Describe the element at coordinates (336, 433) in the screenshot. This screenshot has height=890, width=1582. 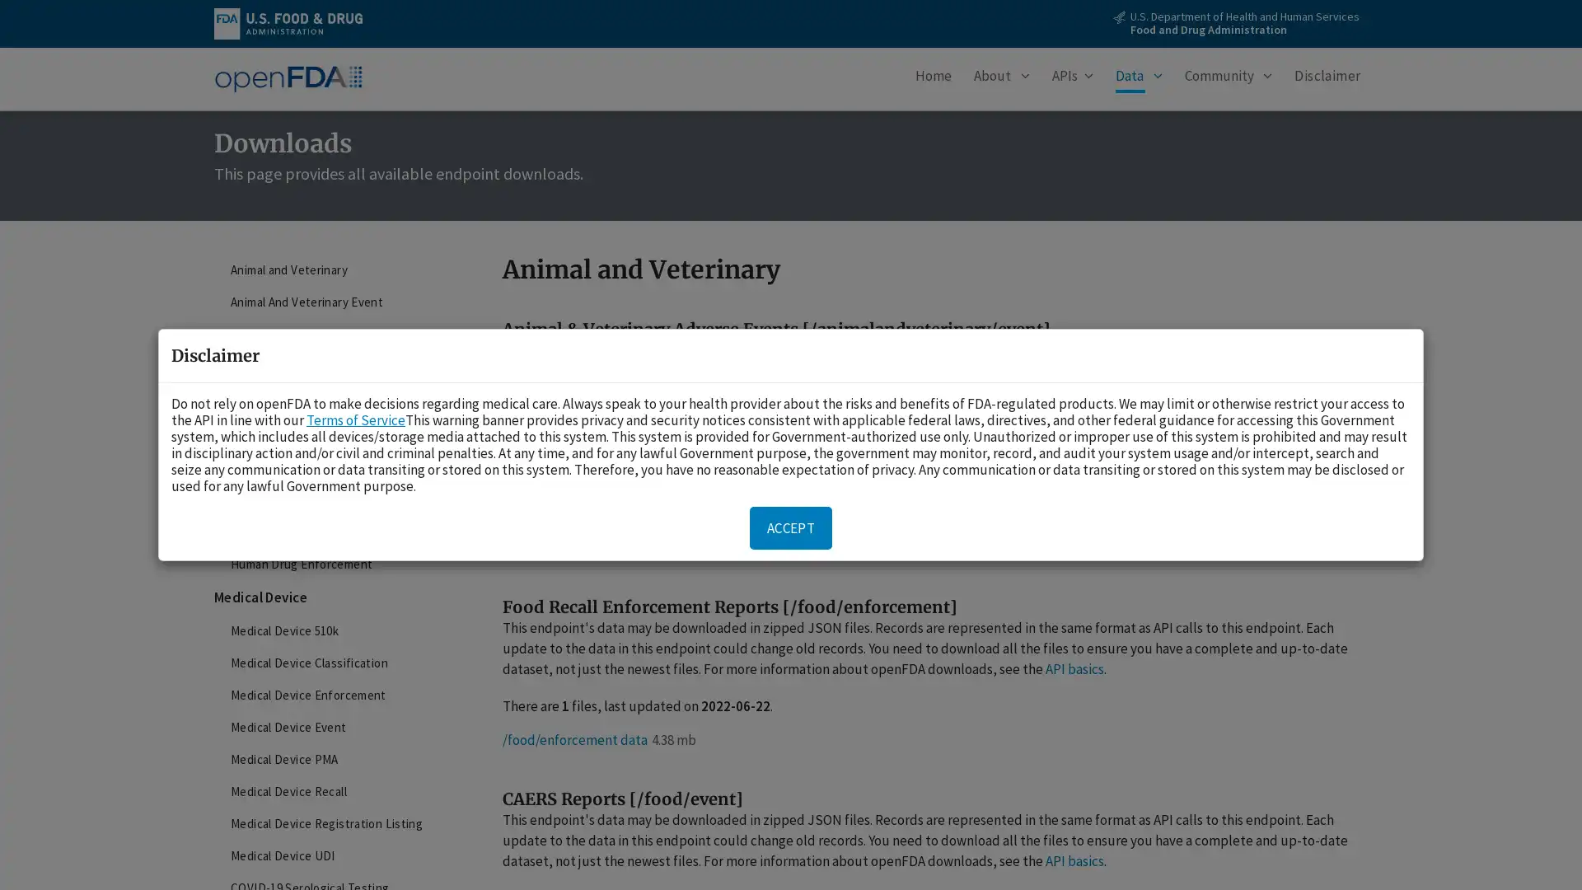
I see `Human Drug` at that location.